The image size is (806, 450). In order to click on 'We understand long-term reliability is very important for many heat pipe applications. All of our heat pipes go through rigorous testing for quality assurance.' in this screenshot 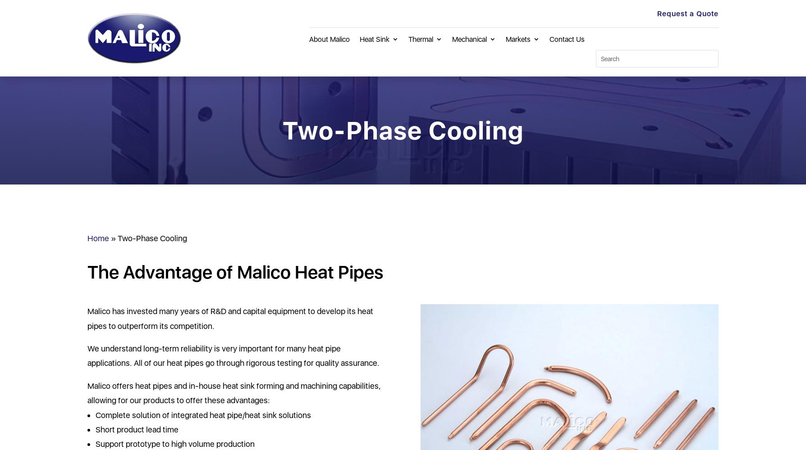, I will do `click(233, 355)`.